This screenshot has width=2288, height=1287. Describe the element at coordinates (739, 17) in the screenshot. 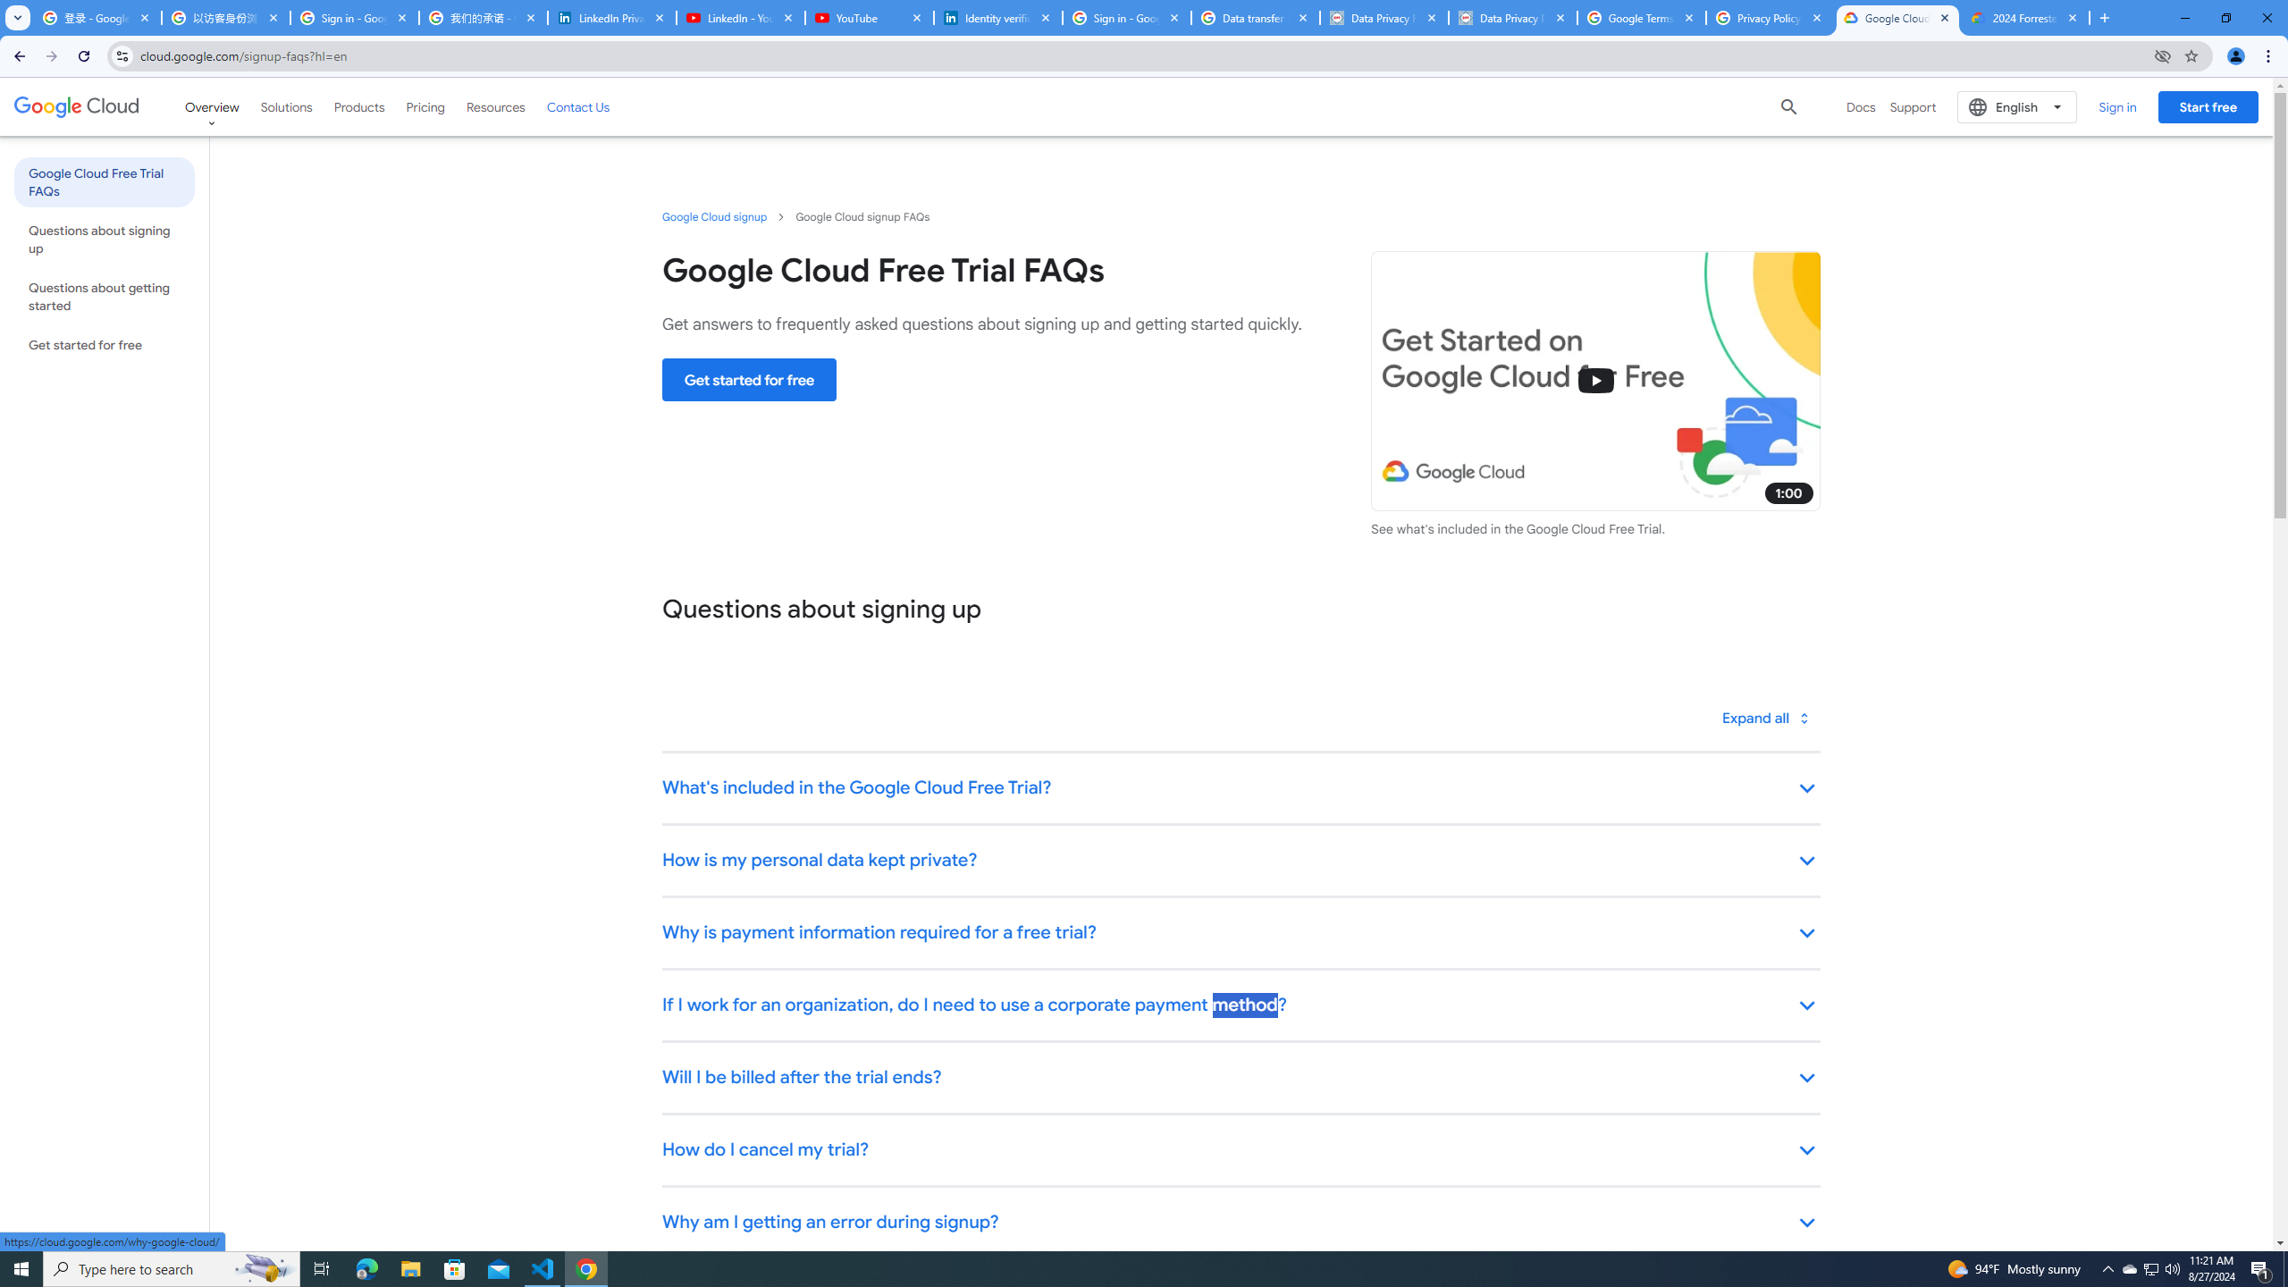

I see `'LinkedIn - YouTube'` at that location.